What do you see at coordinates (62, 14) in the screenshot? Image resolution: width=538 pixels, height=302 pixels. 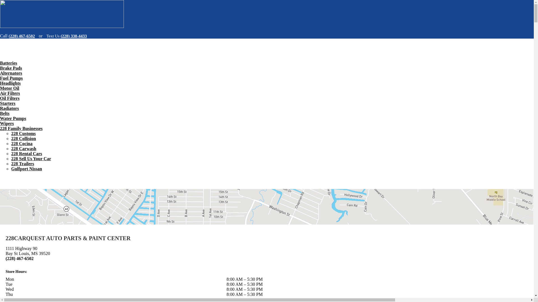 I see `'CQ_header_logo.e4de8e4e'` at bounding box center [62, 14].